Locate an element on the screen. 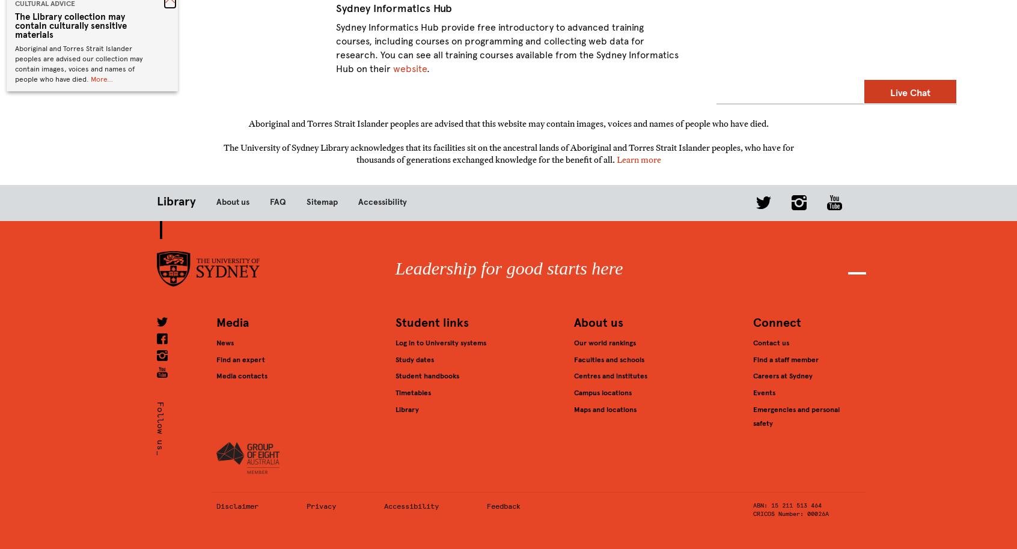 The image size is (1017, 549). 'Our world rankings' is located at coordinates (604, 342).